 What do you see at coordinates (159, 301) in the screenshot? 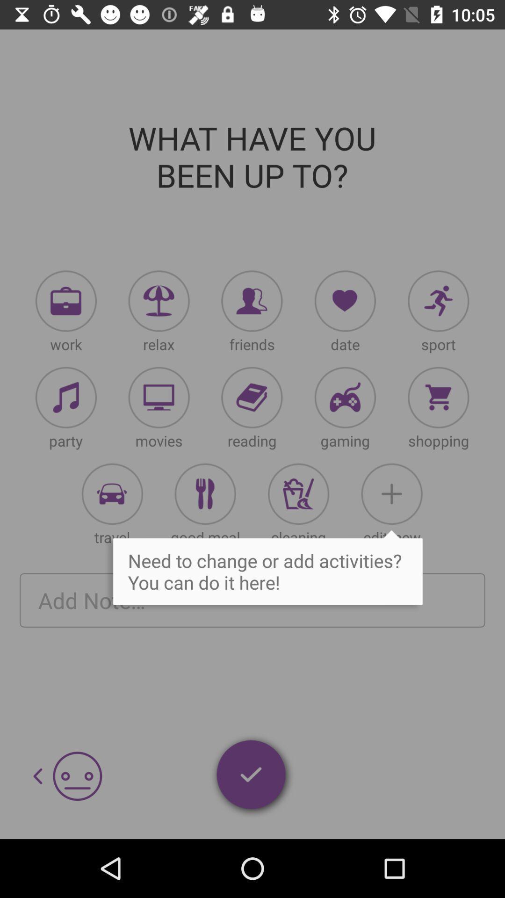
I see `relax` at bounding box center [159, 301].